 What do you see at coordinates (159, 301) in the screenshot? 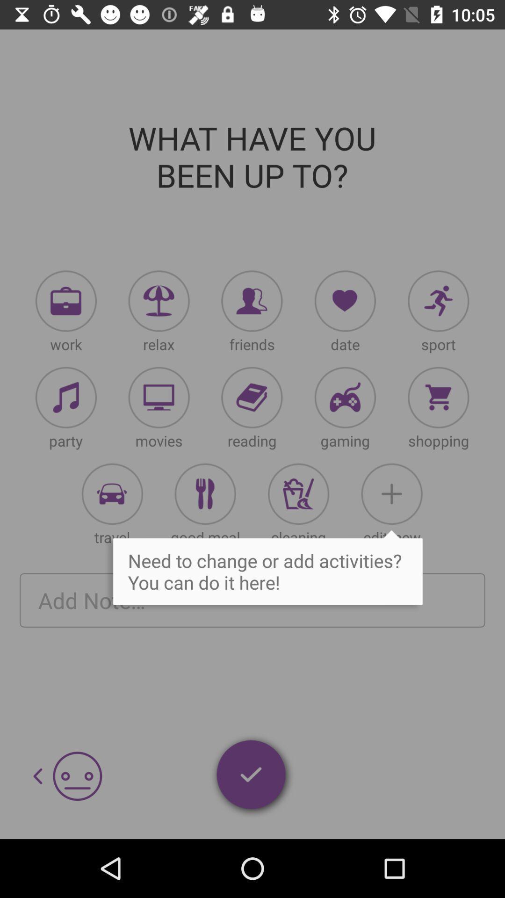
I see `relax` at bounding box center [159, 301].